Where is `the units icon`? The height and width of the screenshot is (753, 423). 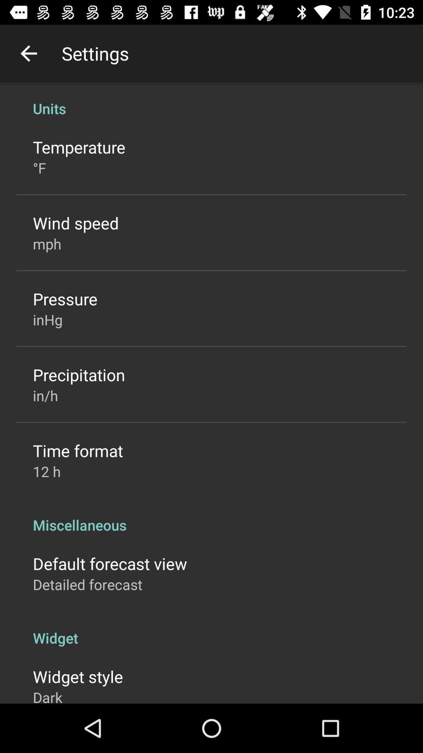
the units icon is located at coordinates (211, 100).